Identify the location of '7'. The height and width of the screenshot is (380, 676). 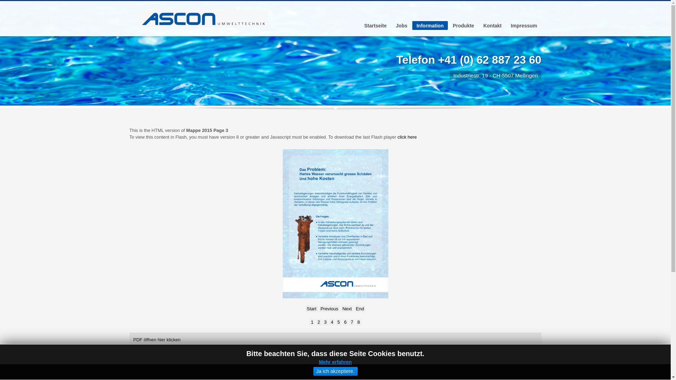
(349, 322).